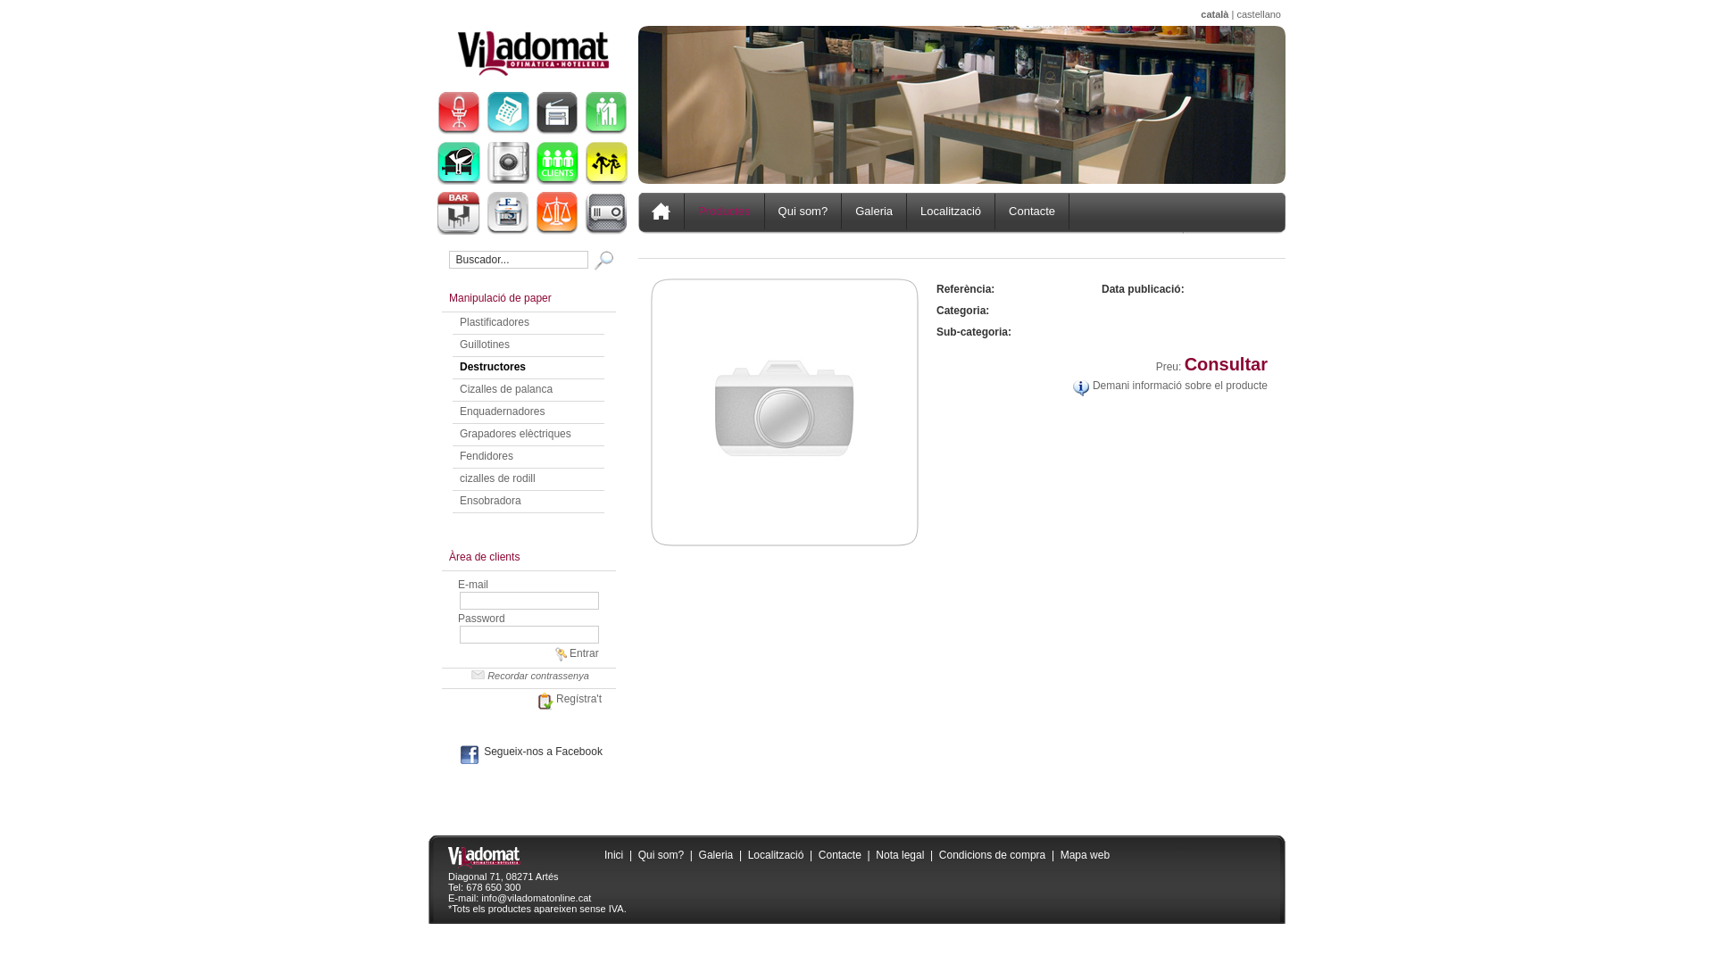 The height and width of the screenshot is (964, 1714). What do you see at coordinates (517, 259) in the screenshot?
I see `'Buscador...'` at bounding box center [517, 259].